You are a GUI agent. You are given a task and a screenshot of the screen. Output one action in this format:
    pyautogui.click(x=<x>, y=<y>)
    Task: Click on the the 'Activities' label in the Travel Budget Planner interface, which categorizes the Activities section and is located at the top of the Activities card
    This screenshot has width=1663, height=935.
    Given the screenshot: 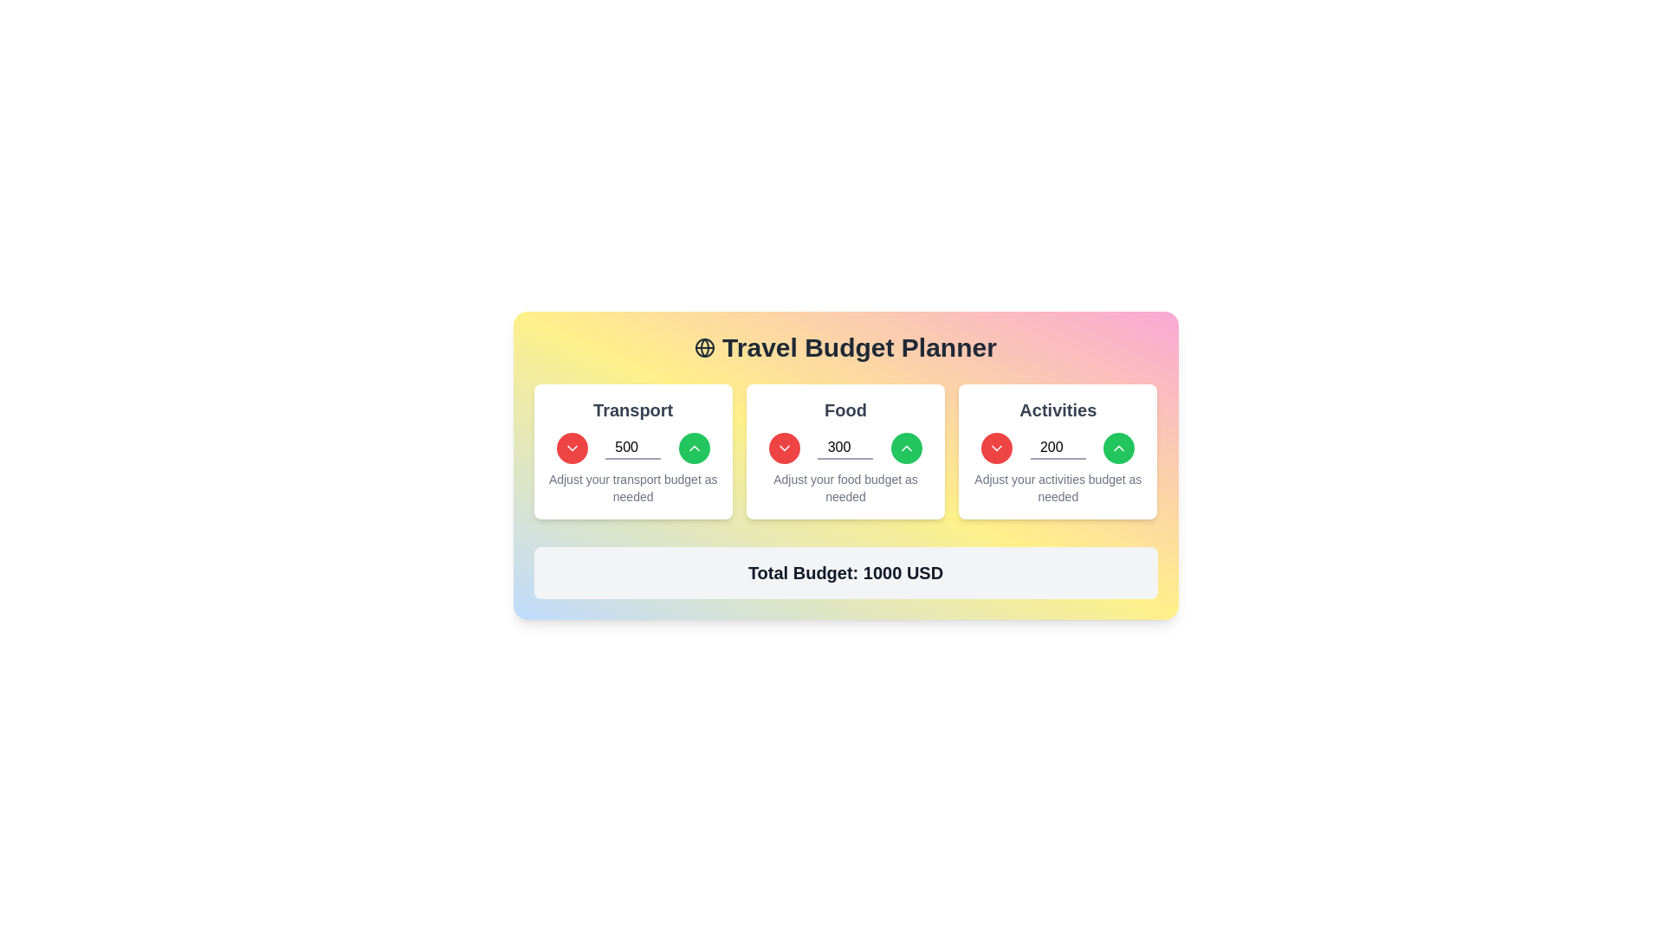 What is the action you would take?
    pyautogui.click(x=1057, y=410)
    